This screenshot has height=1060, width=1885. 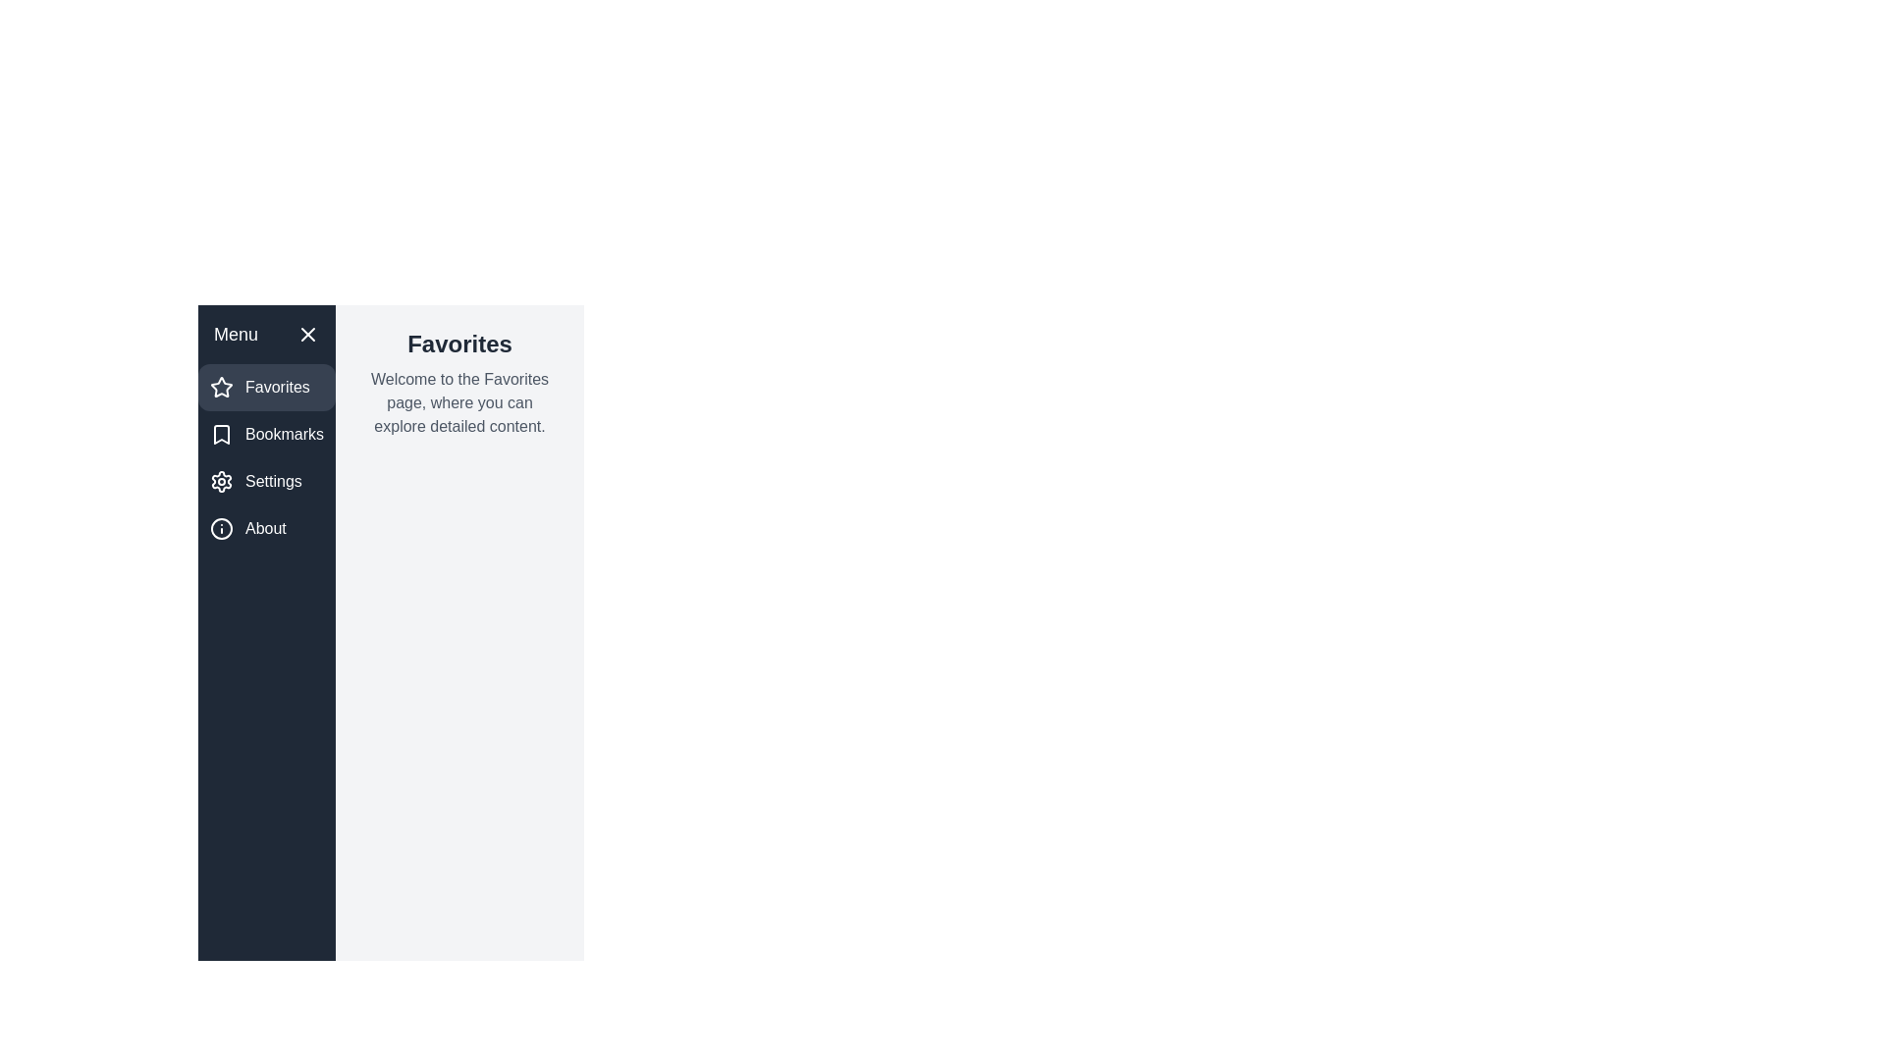 I want to click on the gear-shaped icon in the sidebar menu, which represents settings and is located next to the 'Settings' text, so click(x=221, y=481).